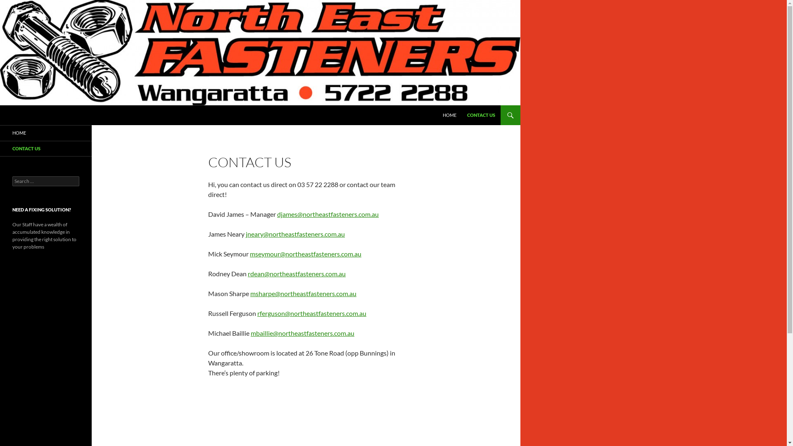 The image size is (793, 446). Describe the element at coordinates (0, 133) in the screenshot. I see `'HOME'` at that location.